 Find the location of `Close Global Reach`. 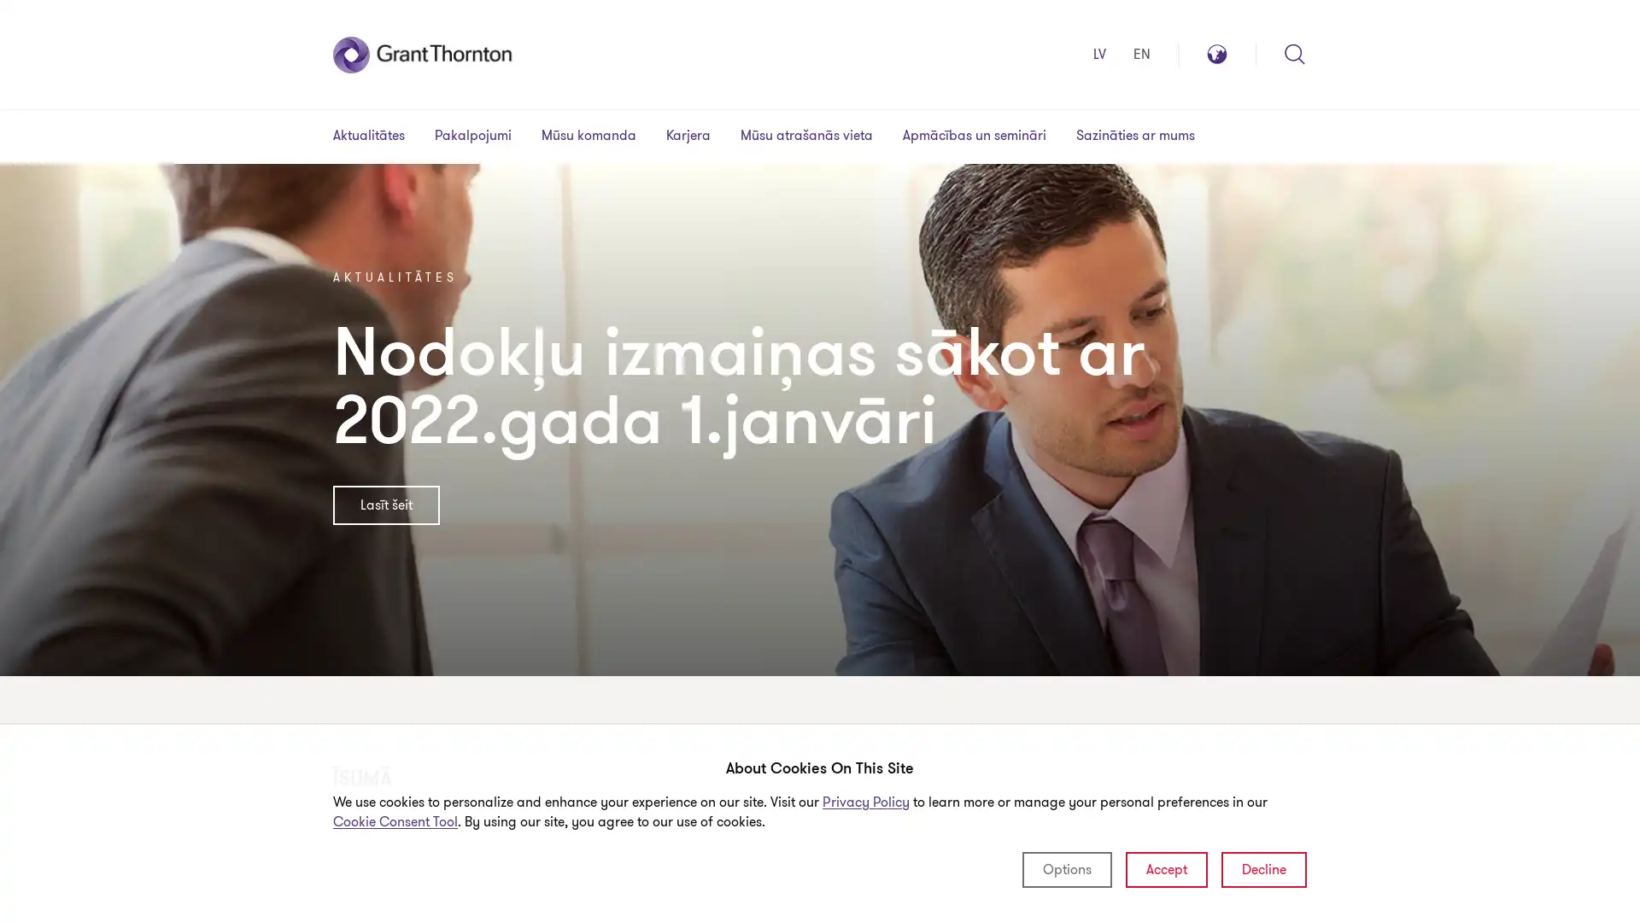

Close Global Reach is located at coordinates (1283, 64).